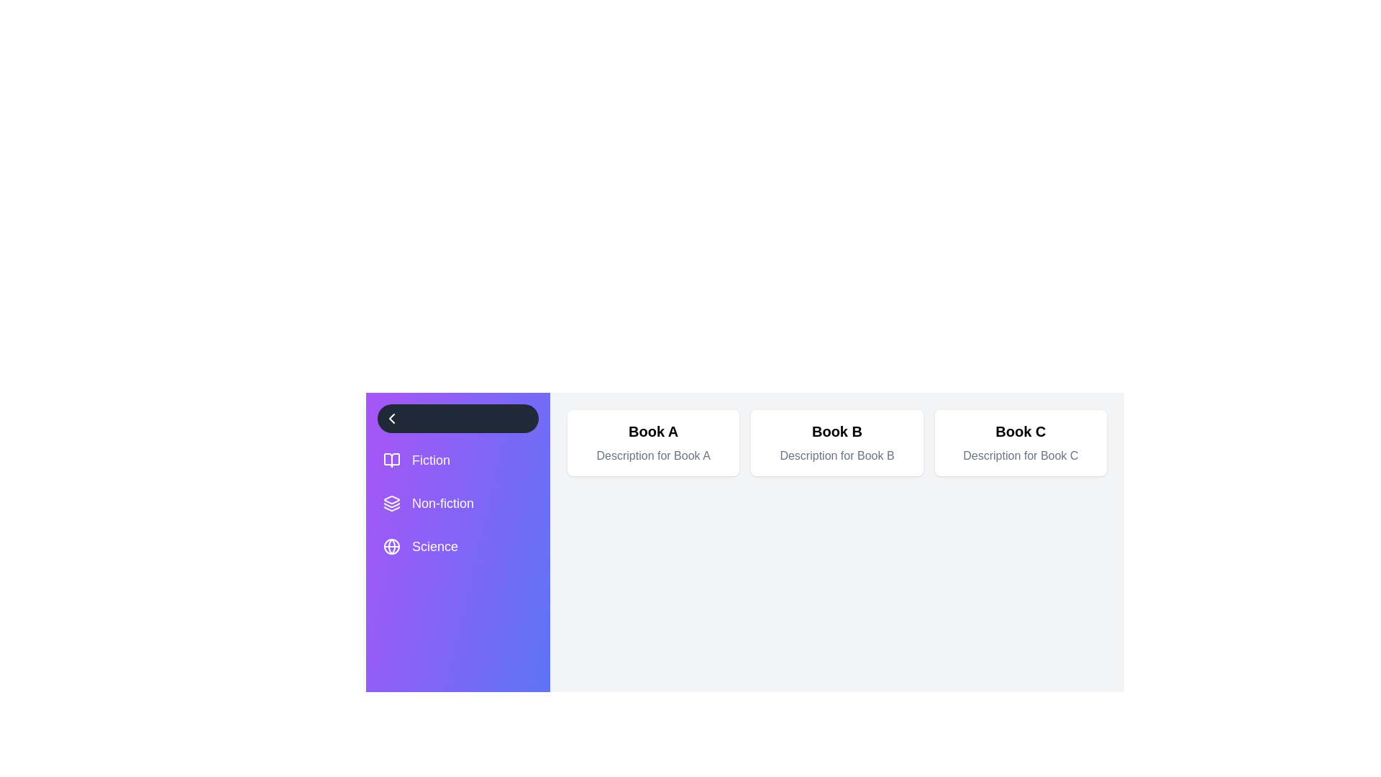 Image resolution: width=1381 pixels, height=777 pixels. What do you see at coordinates (457, 460) in the screenshot?
I see `the category Fiction to view its hover effect` at bounding box center [457, 460].